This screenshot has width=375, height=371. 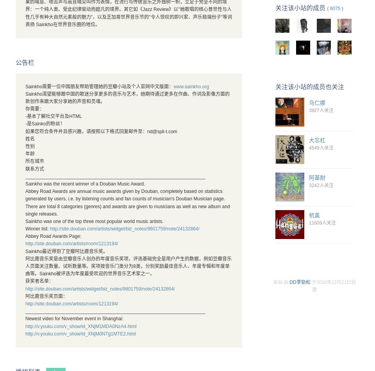 I want to click on 'Sainkho需要一位中国朋友帮助管理她的豆瓣小站及个人官网中文版面：', so click(x=99, y=86).